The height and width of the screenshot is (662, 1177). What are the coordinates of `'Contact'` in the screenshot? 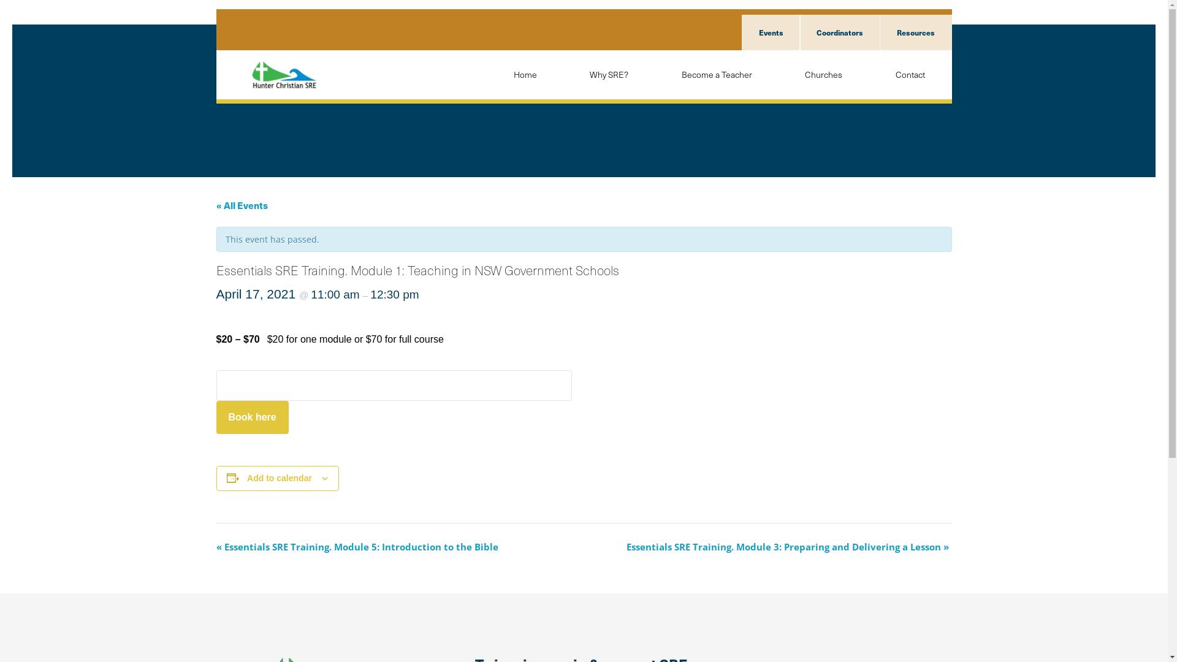 It's located at (909, 75).